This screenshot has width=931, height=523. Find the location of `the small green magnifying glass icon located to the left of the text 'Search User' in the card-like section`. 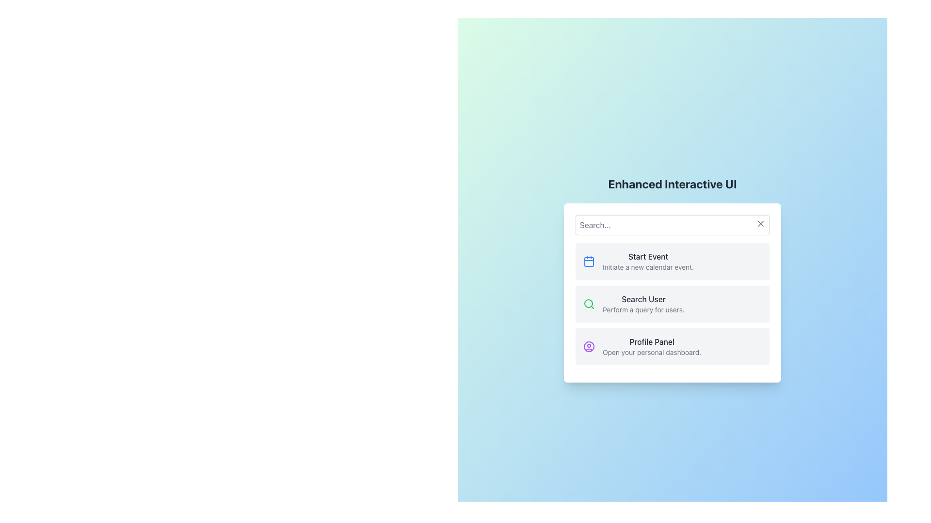

the small green magnifying glass icon located to the left of the text 'Search User' in the card-like section is located at coordinates (588, 304).